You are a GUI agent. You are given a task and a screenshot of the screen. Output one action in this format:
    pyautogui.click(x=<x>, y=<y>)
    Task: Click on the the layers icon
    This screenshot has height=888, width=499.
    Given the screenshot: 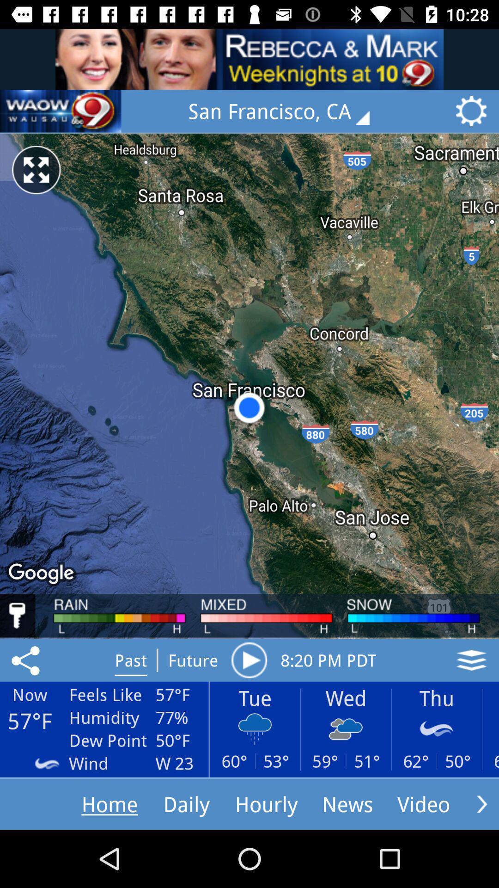 What is the action you would take?
    pyautogui.click(x=471, y=660)
    